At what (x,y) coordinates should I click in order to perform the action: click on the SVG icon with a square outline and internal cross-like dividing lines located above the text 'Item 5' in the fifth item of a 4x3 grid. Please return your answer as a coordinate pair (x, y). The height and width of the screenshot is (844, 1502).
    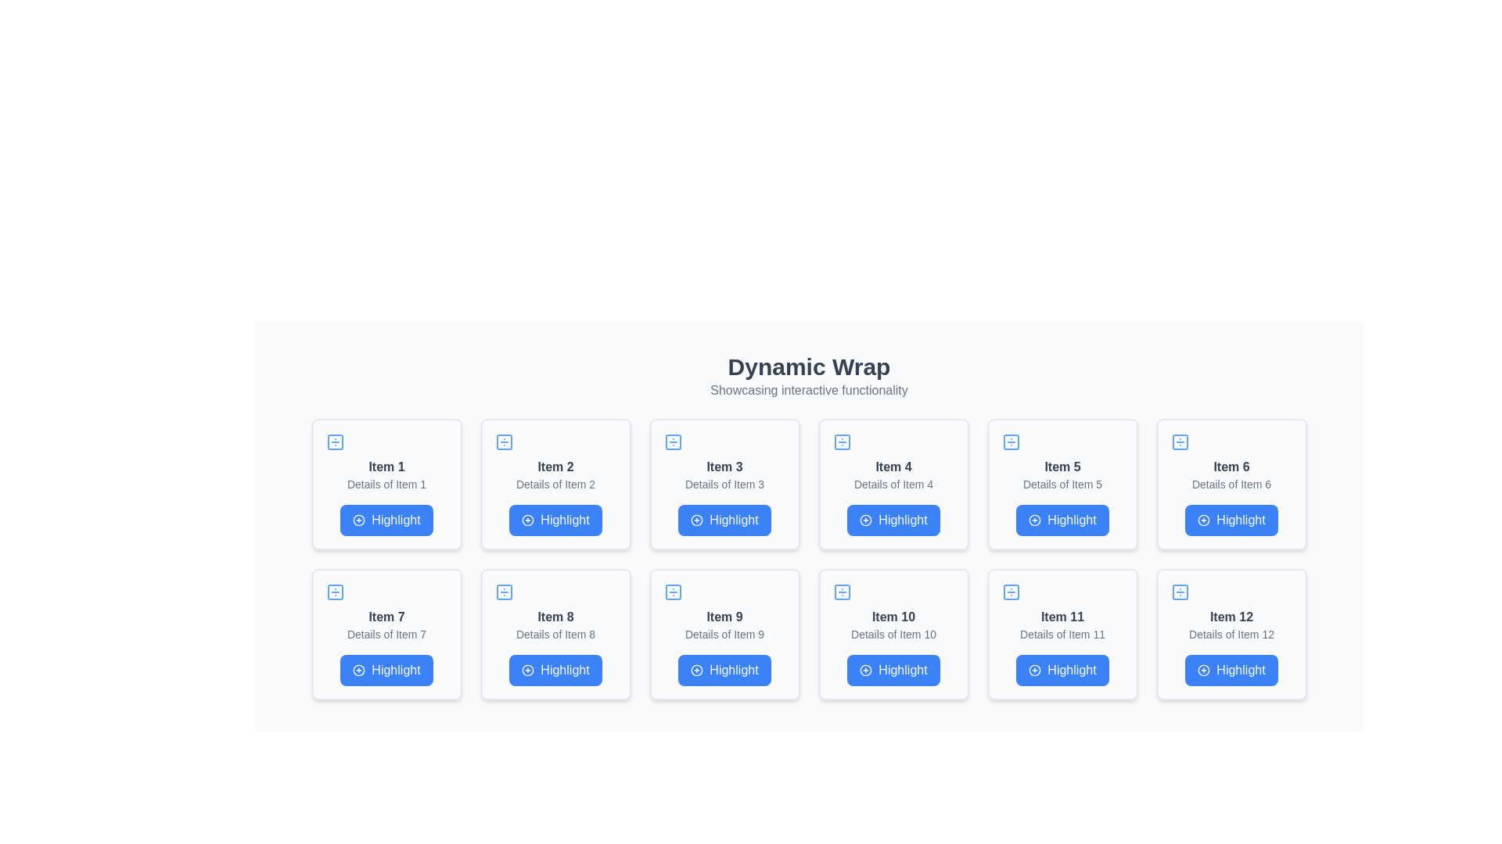
    Looking at the image, I should click on (1011, 442).